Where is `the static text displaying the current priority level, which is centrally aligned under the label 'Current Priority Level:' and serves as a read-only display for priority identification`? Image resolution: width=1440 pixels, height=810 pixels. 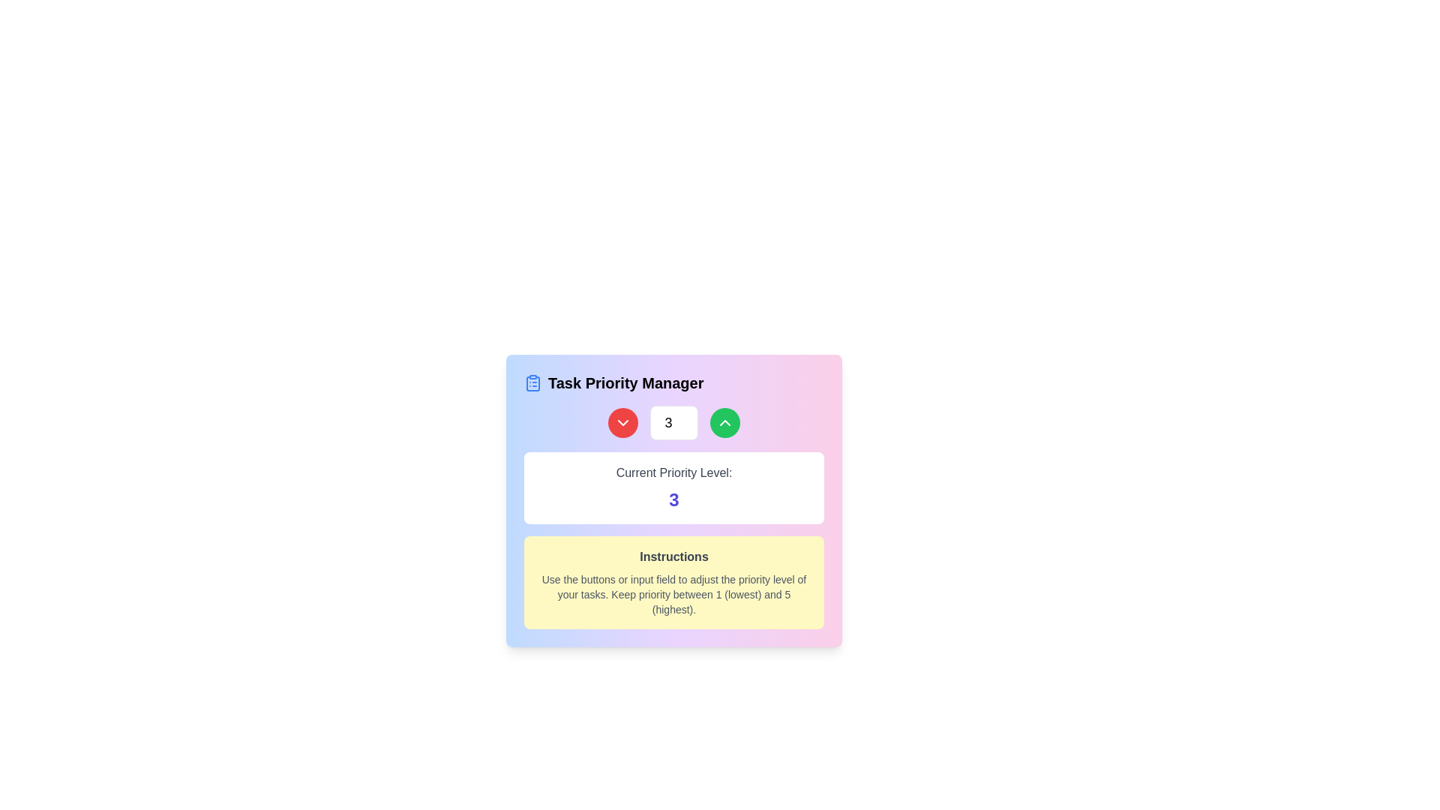
the static text displaying the current priority level, which is centrally aligned under the label 'Current Priority Level:' and serves as a read-only display for priority identification is located at coordinates (673, 500).